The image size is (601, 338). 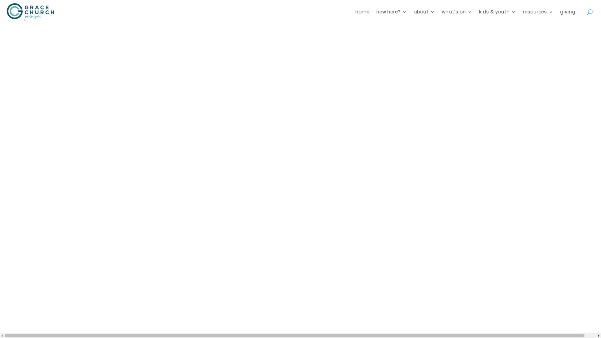 What do you see at coordinates (568, 12) in the screenshot?
I see `'giving'` at bounding box center [568, 12].